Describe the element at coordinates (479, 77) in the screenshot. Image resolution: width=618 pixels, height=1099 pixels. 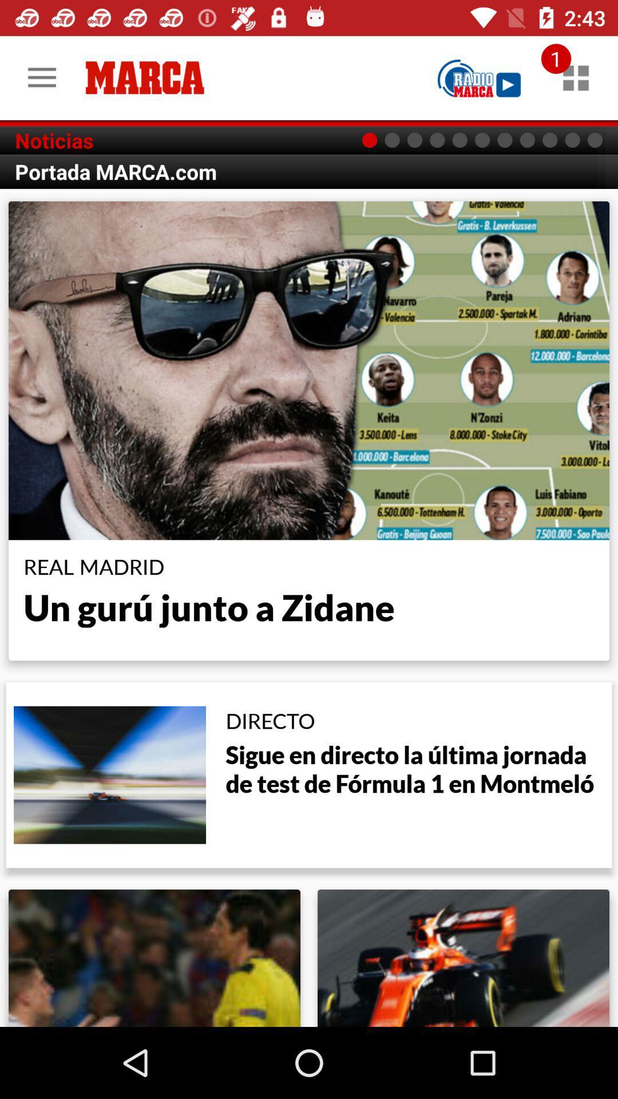
I see `the radio` at that location.